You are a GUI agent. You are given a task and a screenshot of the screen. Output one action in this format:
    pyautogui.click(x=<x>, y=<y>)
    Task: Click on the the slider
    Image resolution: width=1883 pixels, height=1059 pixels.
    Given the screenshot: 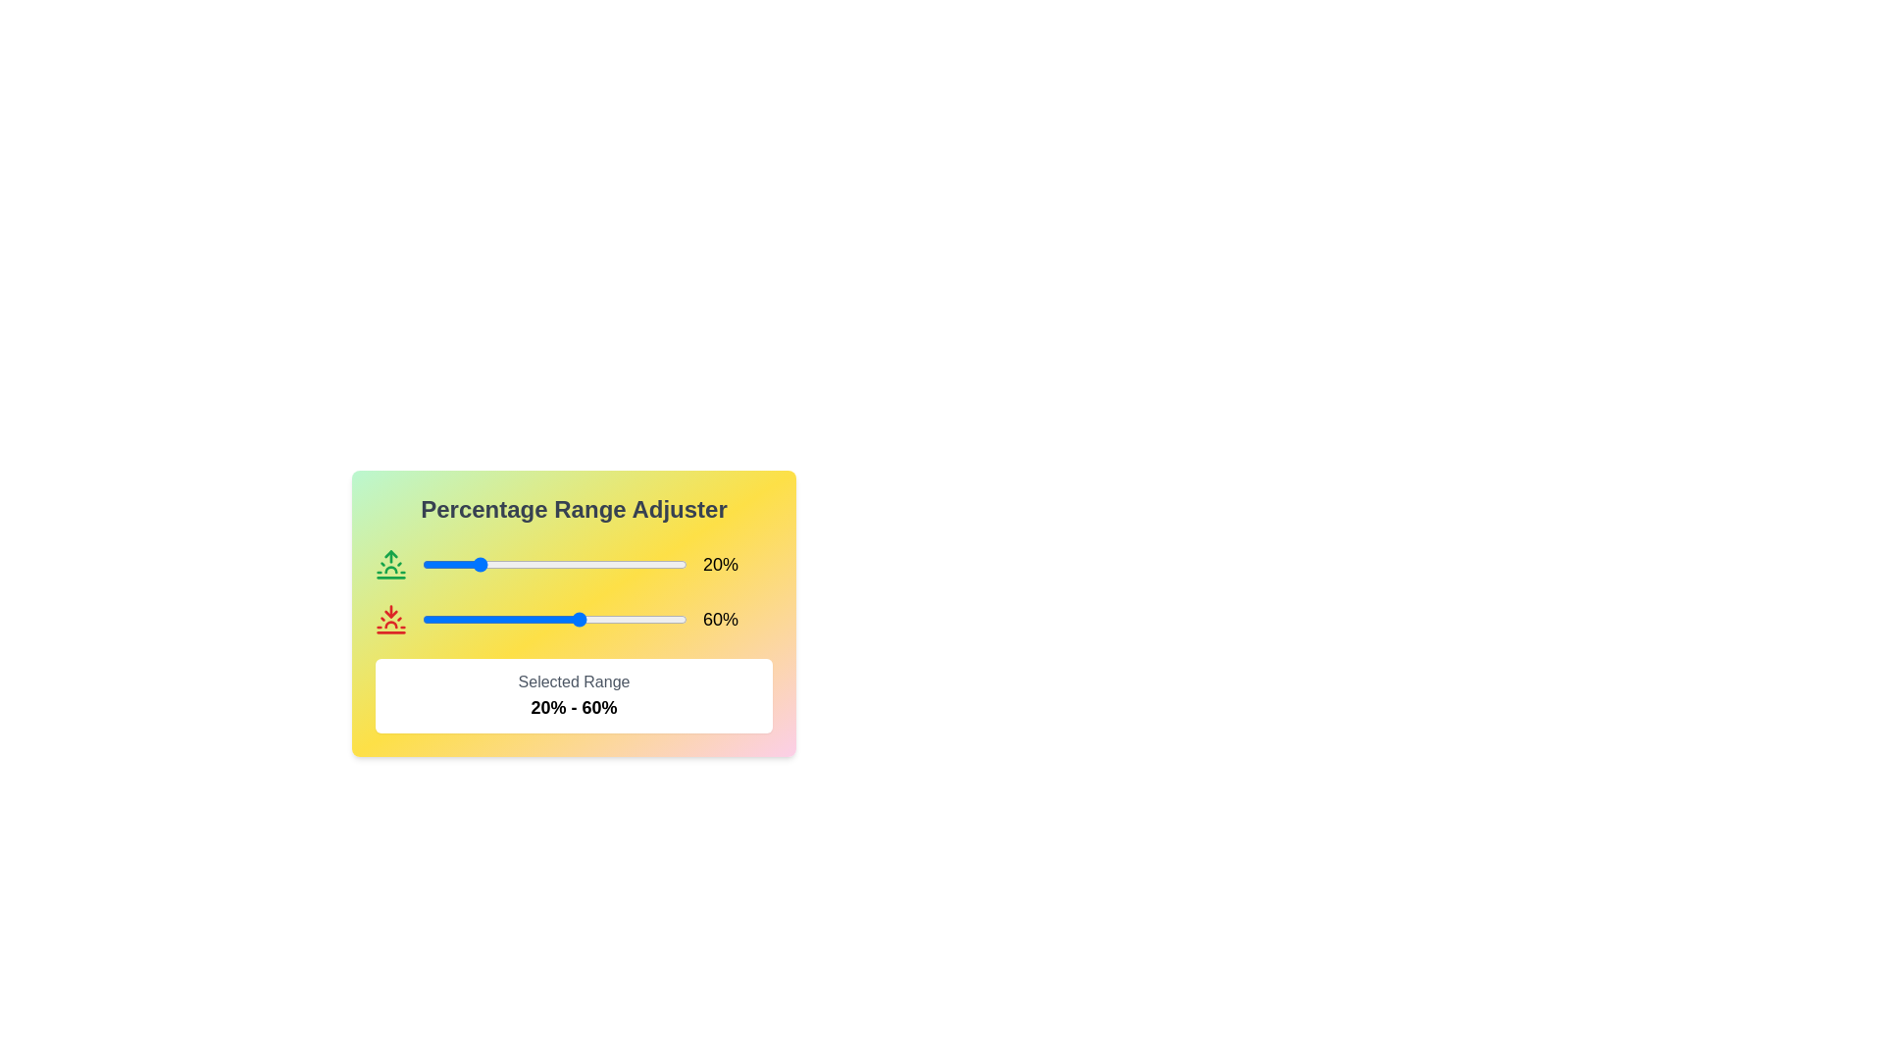 What is the action you would take?
    pyautogui.click(x=666, y=564)
    